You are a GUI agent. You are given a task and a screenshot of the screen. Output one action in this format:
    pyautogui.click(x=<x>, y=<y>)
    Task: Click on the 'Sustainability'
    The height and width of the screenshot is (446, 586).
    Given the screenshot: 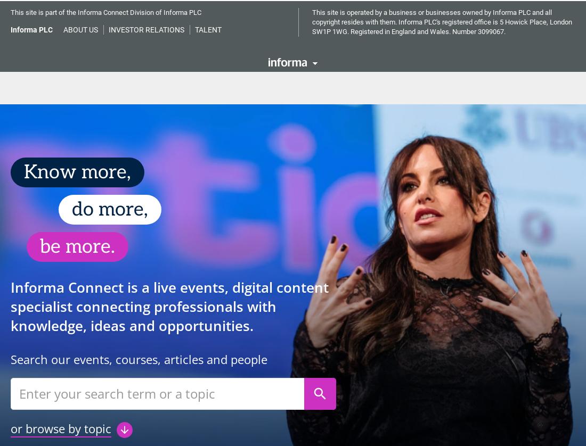 What is the action you would take?
    pyautogui.click(x=367, y=16)
    